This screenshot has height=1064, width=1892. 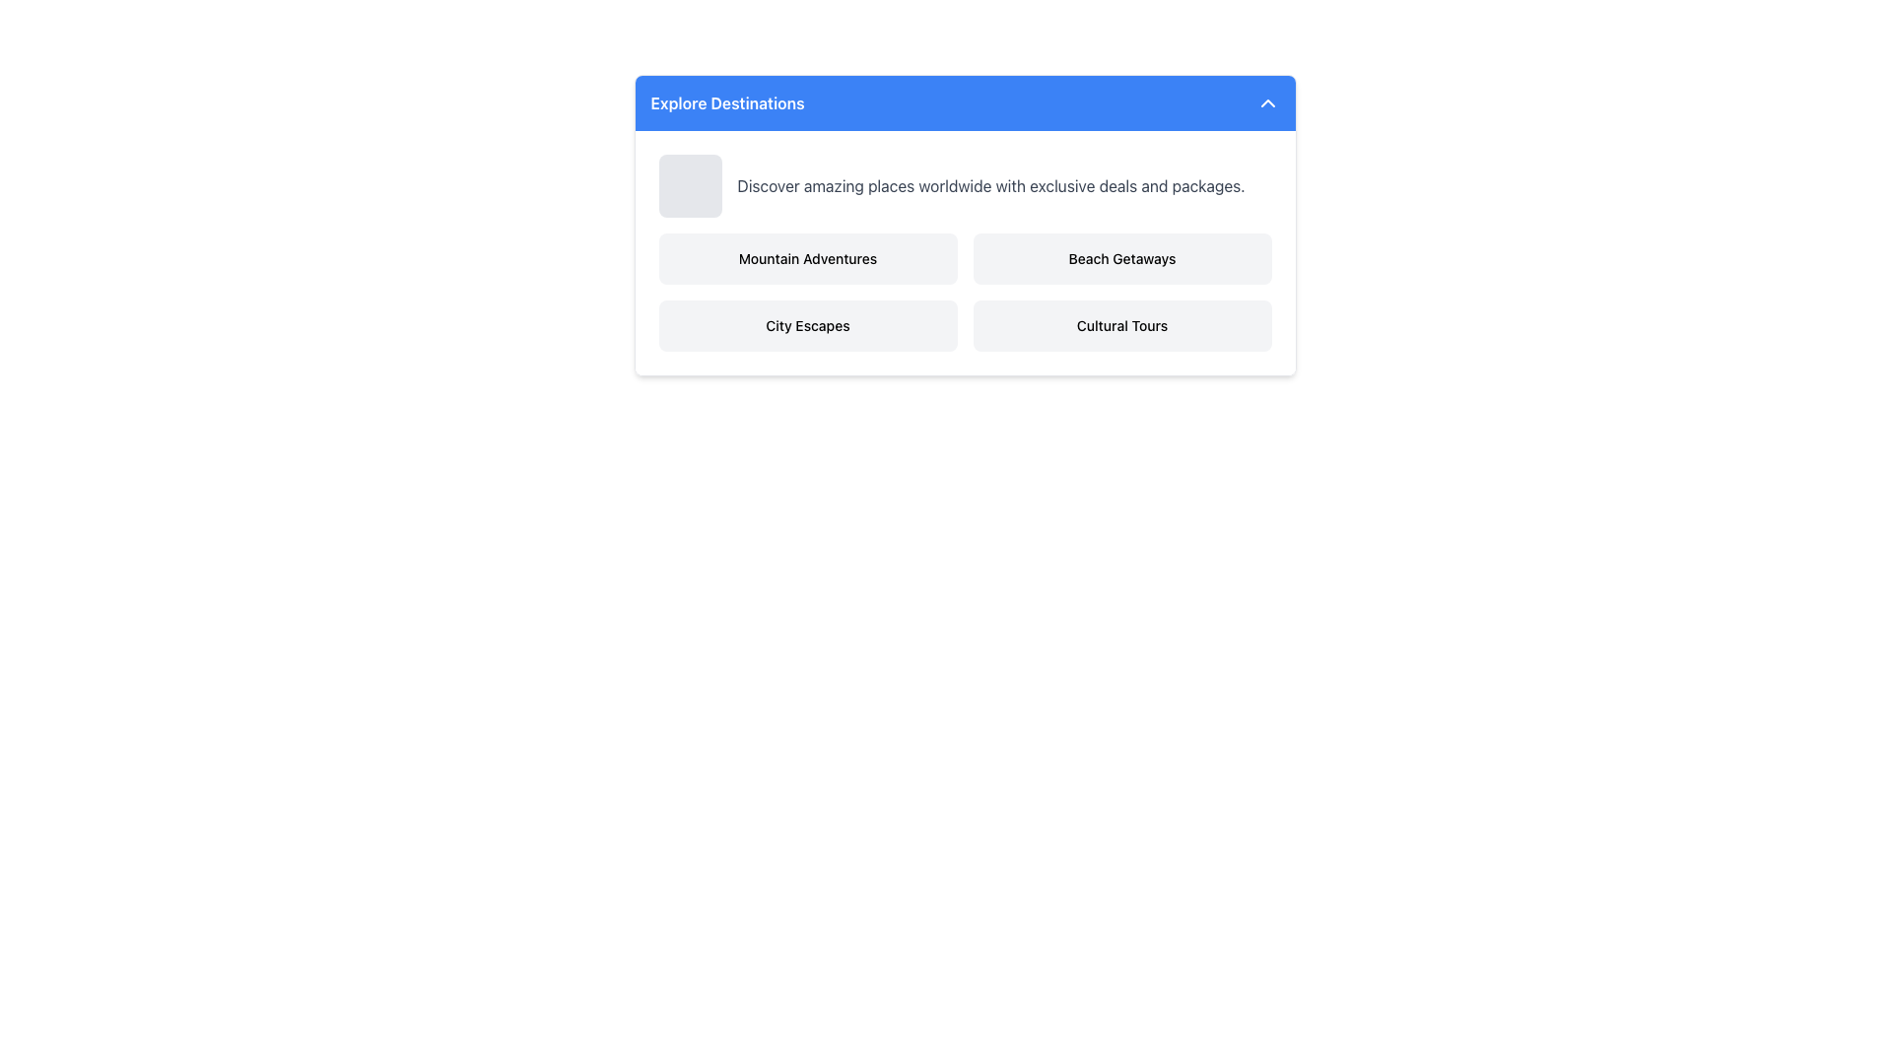 What do you see at coordinates (808, 325) in the screenshot?
I see `the 'City Escapes' button, which is a rectangular box with rounded corners, light gray background, and centered black text in a clean sans-serif font` at bounding box center [808, 325].